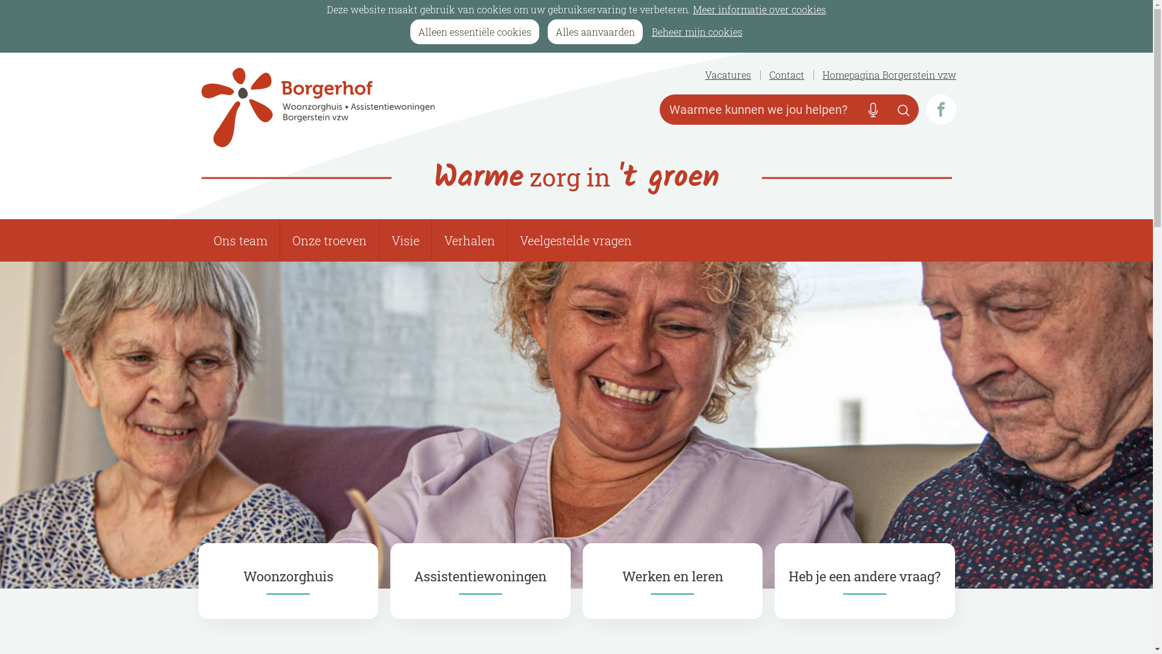 The width and height of the screenshot is (1162, 654). What do you see at coordinates (574, 240) in the screenshot?
I see `'Veelgestelde vragen'` at bounding box center [574, 240].